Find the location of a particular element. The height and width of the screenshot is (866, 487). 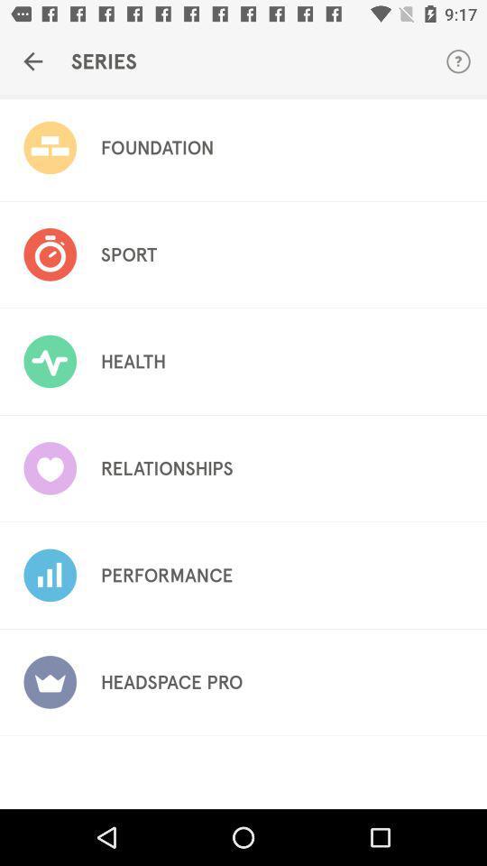

the help icon next to series is located at coordinates (458, 61).